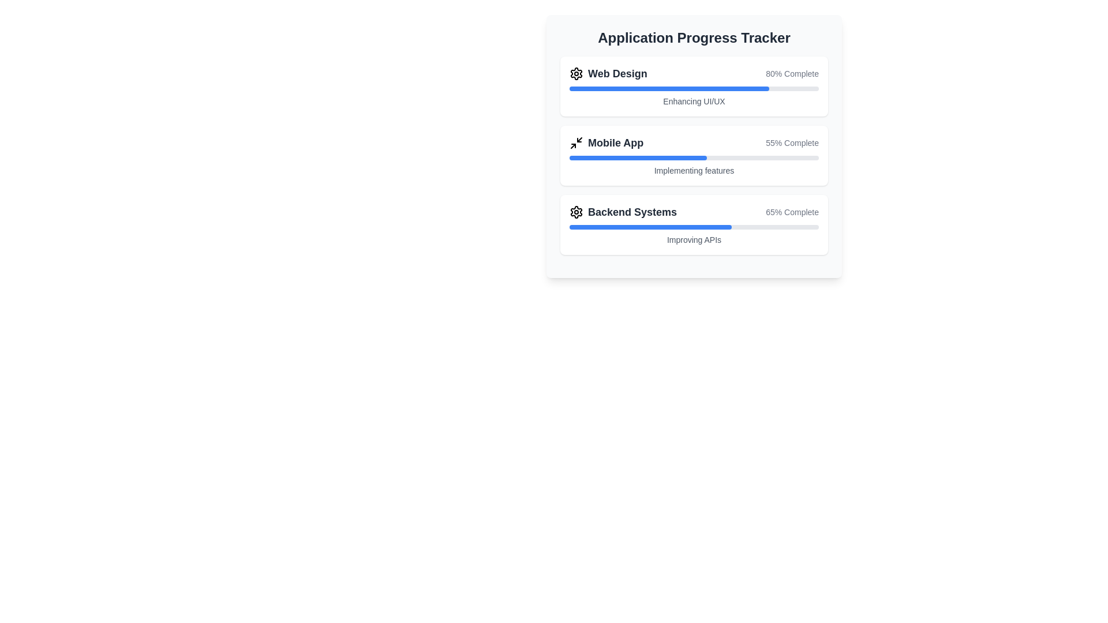 The height and width of the screenshot is (623, 1108). What do you see at coordinates (694, 101) in the screenshot?
I see `the text label reading 'Enhancing UI/UX' located in the 'Web Design' section of the 'Application Progress Tracker' interface, positioned below the '80% Complete' progress bar` at bounding box center [694, 101].